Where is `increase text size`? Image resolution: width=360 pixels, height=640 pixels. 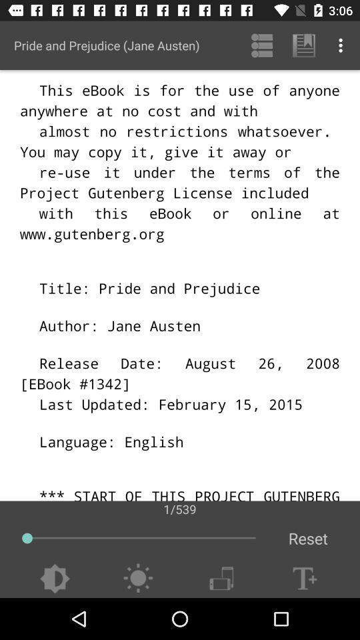 increase text size is located at coordinates (305, 578).